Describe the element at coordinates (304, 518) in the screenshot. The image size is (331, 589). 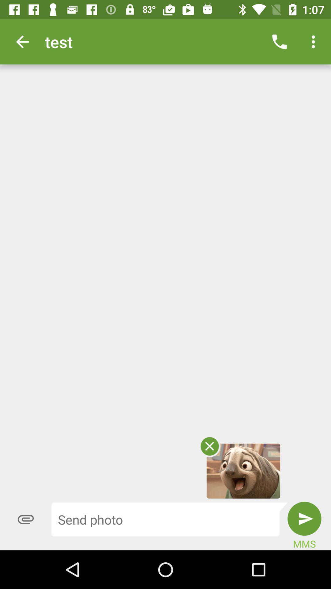
I see `the send icon` at that location.